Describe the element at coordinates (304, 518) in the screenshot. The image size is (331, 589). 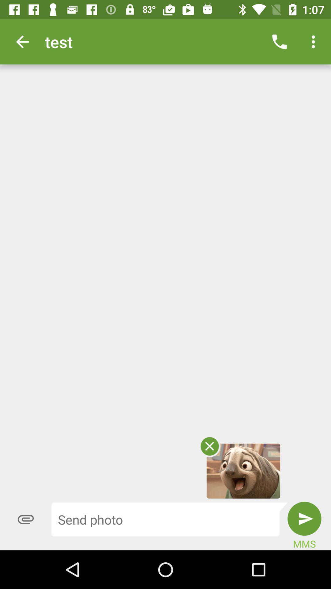
I see `the send icon` at that location.